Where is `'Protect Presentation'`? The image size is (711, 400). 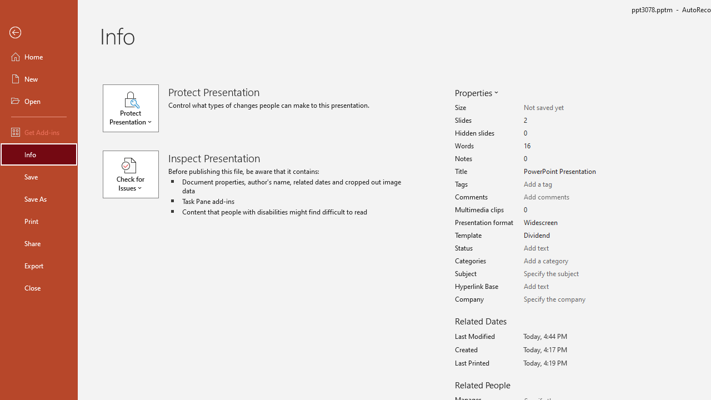 'Protect Presentation' is located at coordinates (135, 108).